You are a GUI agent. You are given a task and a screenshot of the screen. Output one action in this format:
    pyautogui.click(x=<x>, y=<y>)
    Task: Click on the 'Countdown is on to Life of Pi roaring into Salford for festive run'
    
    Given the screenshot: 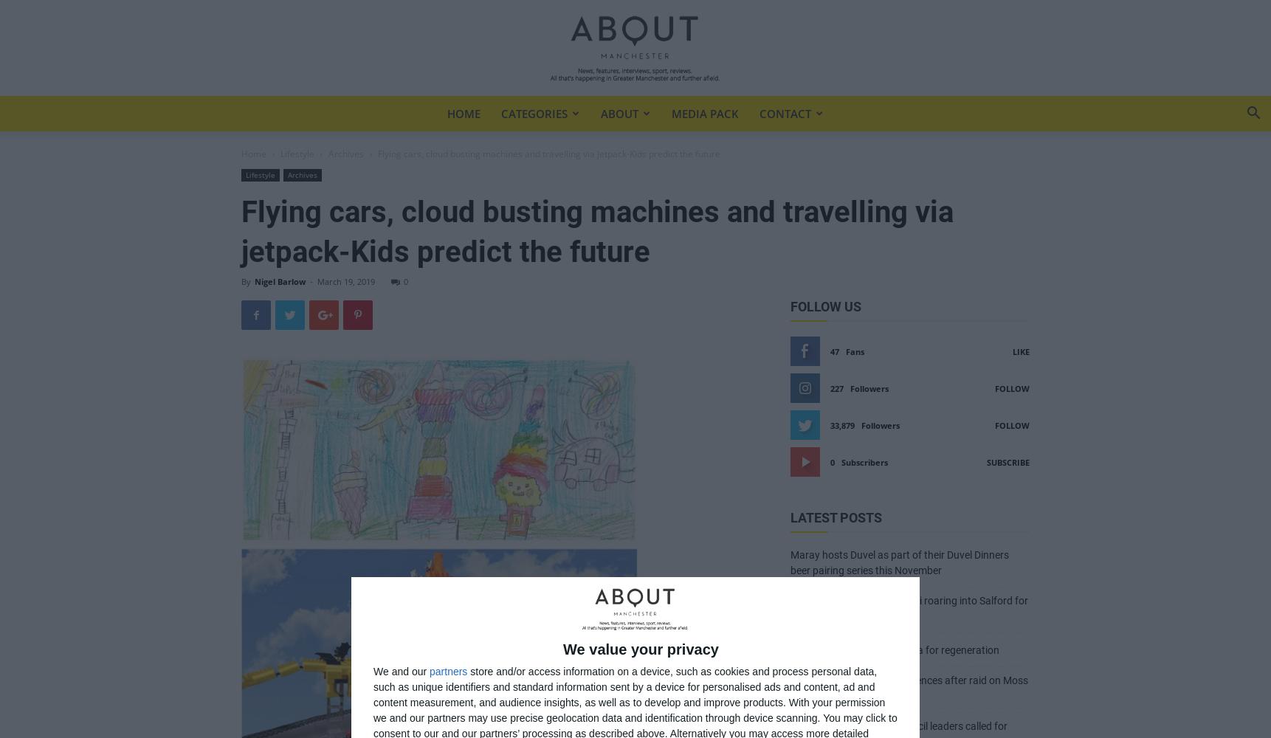 What is the action you would take?
    pyautogui.click(x=909, y=607)
    